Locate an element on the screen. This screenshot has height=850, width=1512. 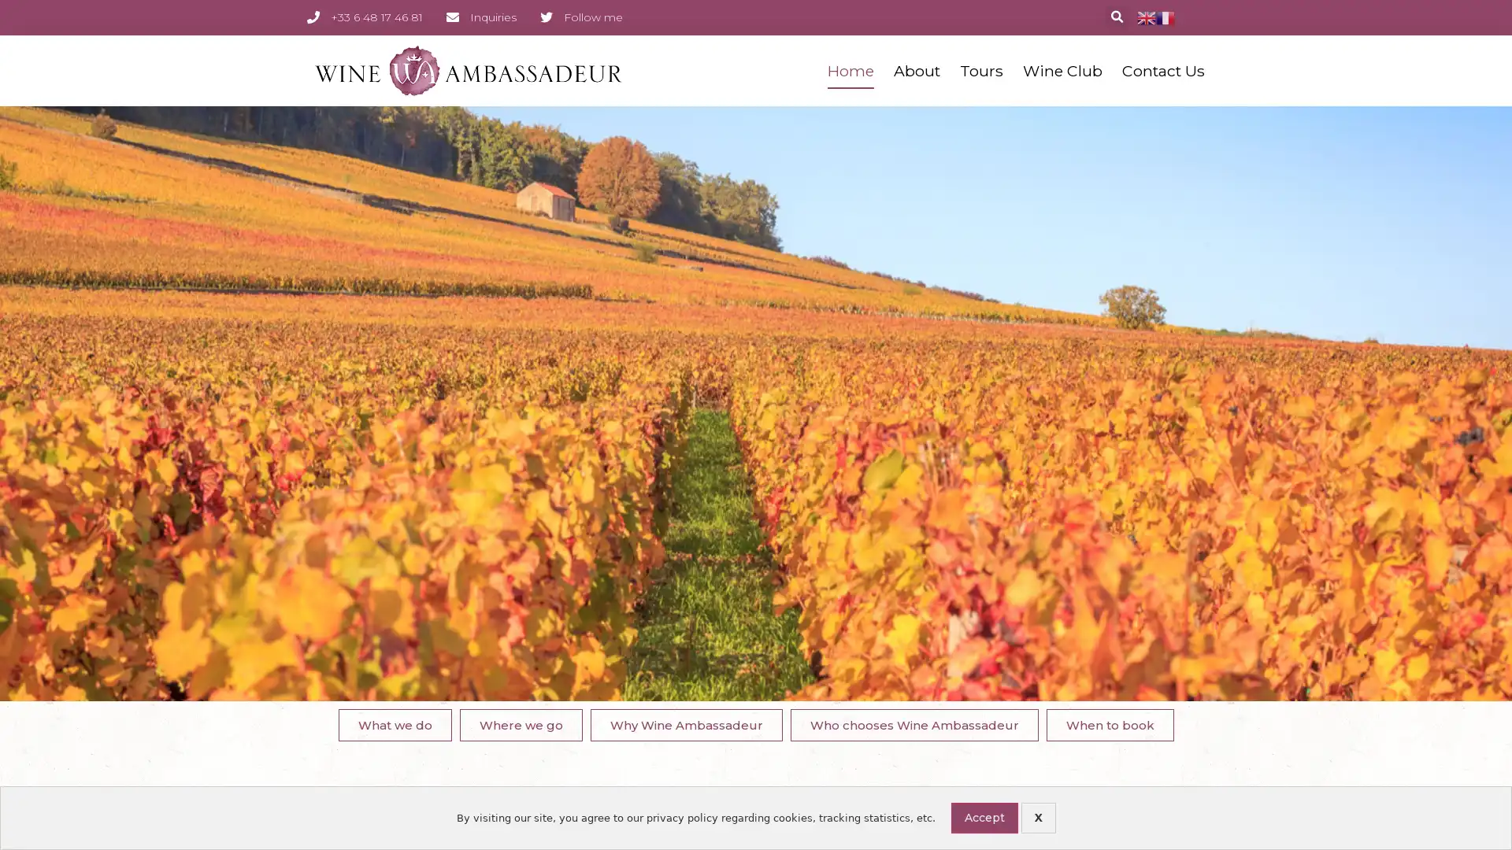
What we do is located at coordinates (394, 724).